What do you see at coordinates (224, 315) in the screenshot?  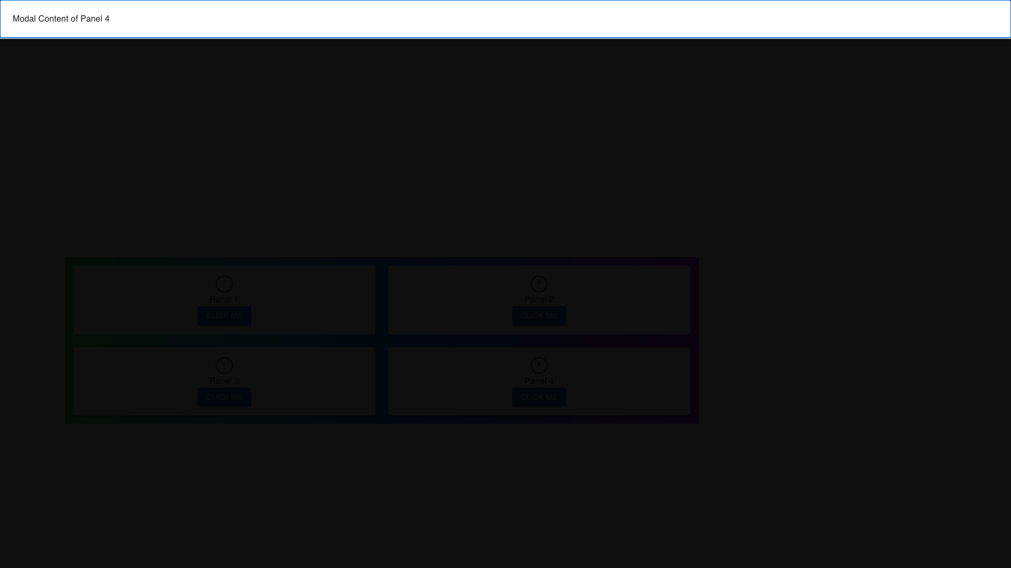 I see `the 'Click Me' button located in the bottom-center area of 'Panel 1'` at bounding box center [224, 315].